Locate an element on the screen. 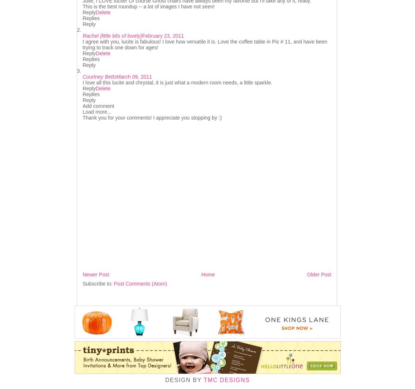  'DESIGN BY' is located at coordinates (184, 379).